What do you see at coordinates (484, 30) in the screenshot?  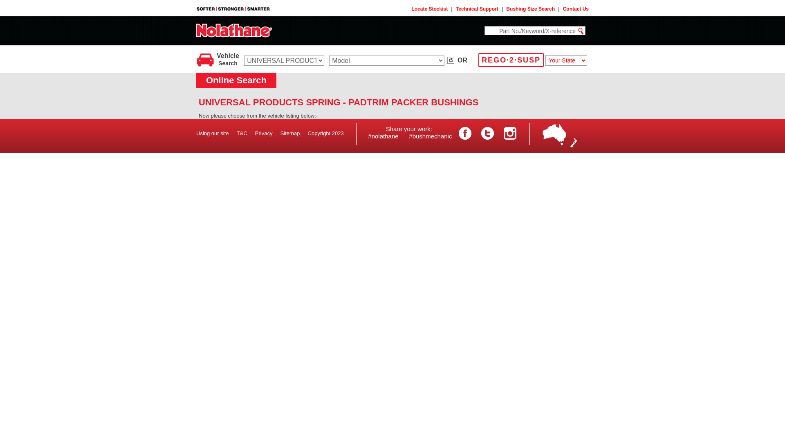 I see `'Part No./Keyword/X-reference'` at bounding box center [484, 30].